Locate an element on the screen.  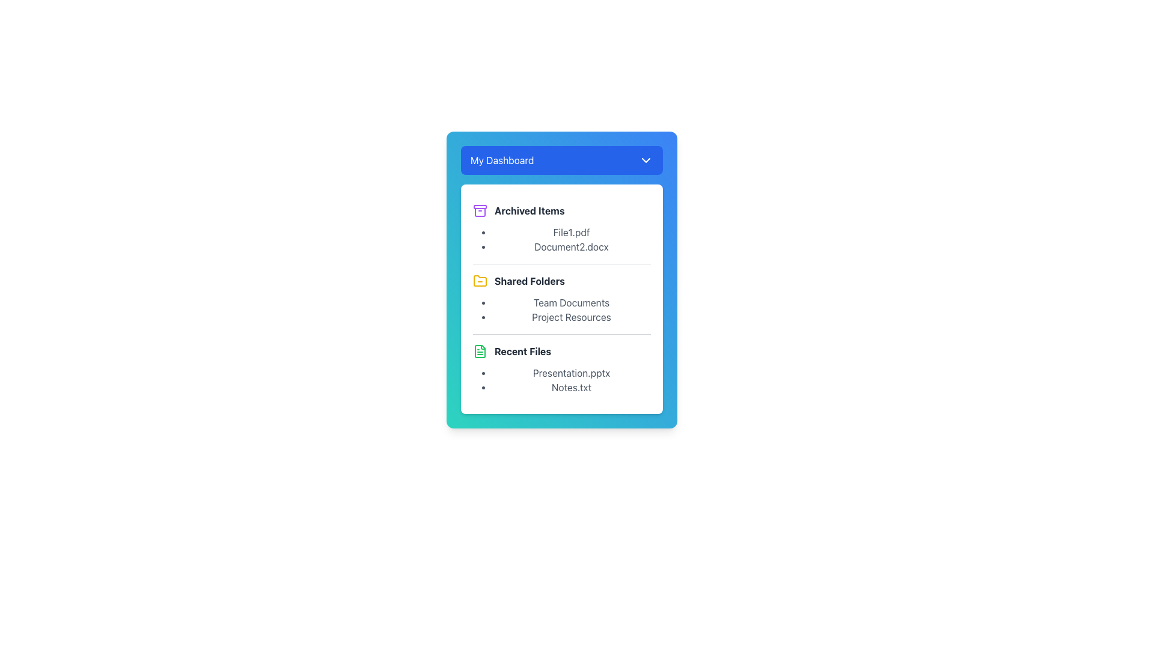
the text label displaying the name of the second archived file in the 'Archived Items' list, which is located below 'File1.pdf' is located at coordinates (570, 246).